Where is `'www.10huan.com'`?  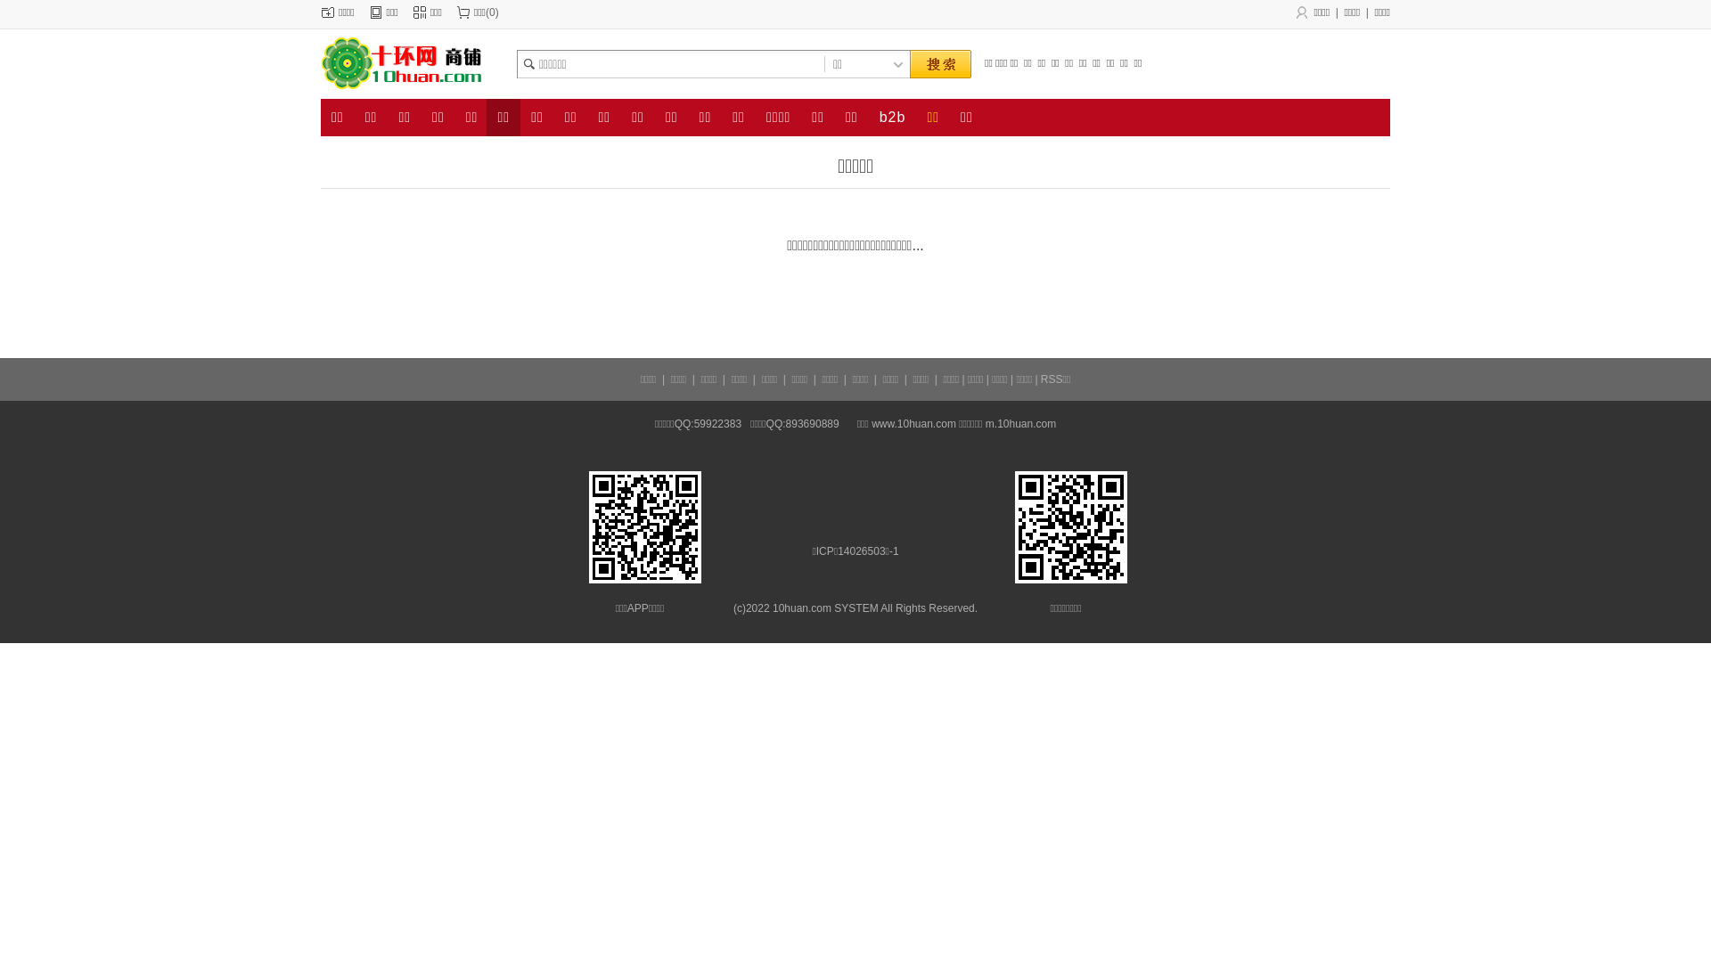 'www.10huan.com' is located at coordinates (913, 423).